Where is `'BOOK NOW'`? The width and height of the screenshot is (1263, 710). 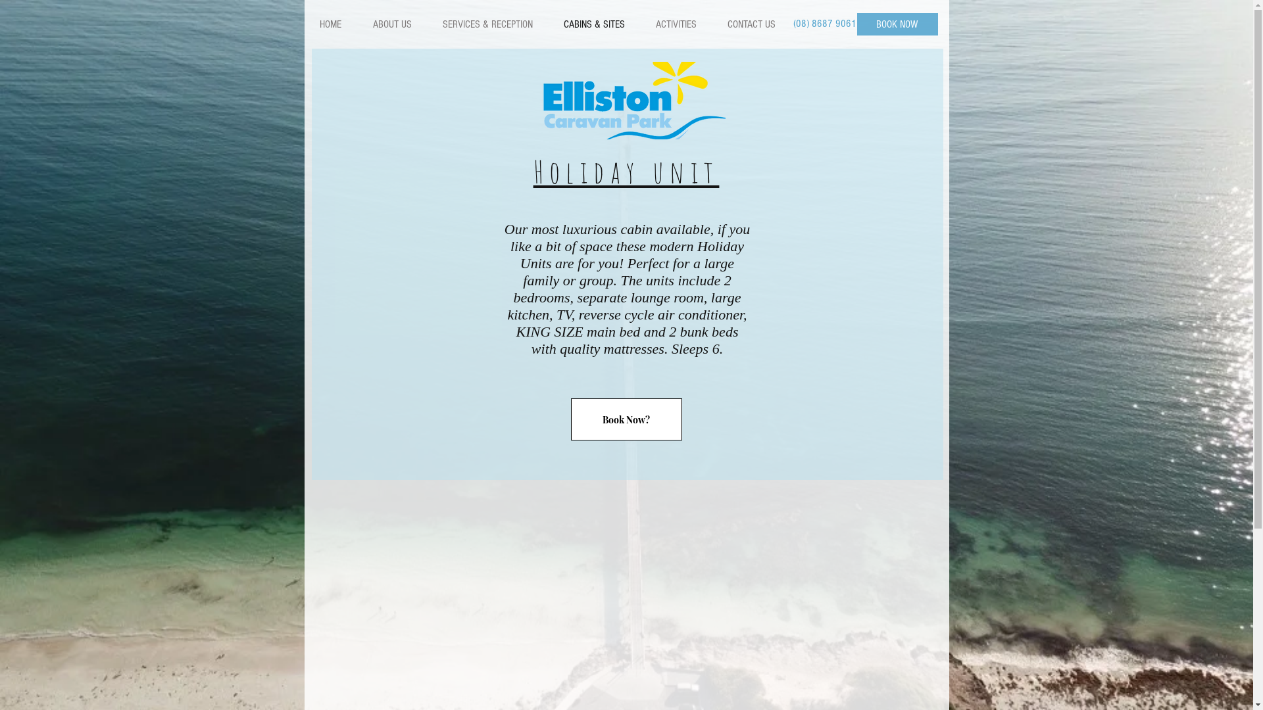
'BOOK NOW' is located at coordinates (896, 24).